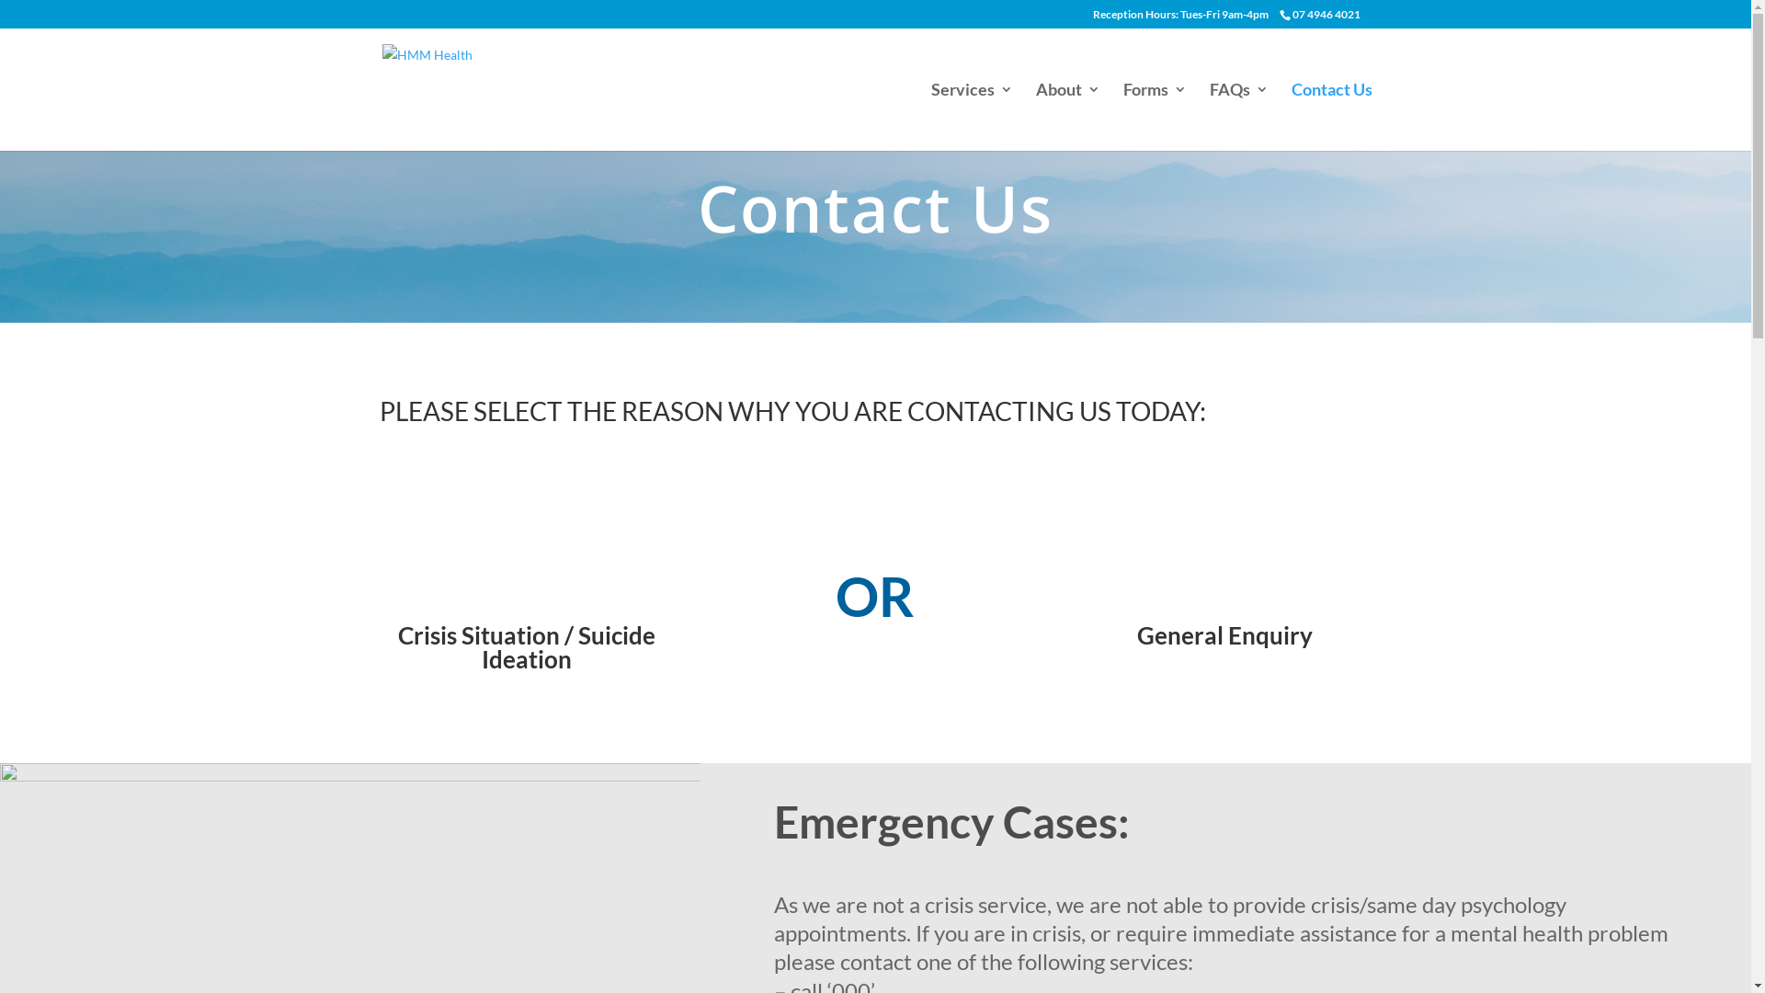 The height and width of the screenshot is (993, 1765). What do you see at coordinates (1122, 117) in the screenshot?
I see `'Forms'` at bounding box center [1122, 117].